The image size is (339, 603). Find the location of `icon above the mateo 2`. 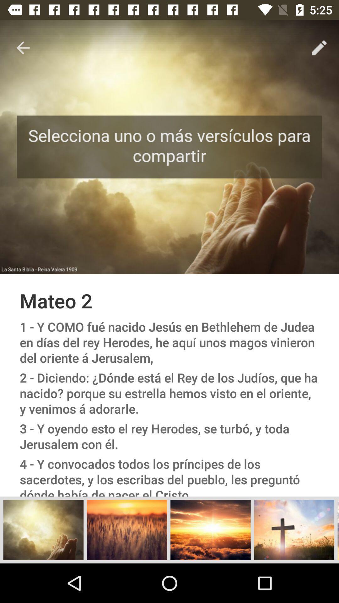

icon above the mateo 2 is located at coordinates (23, 47).